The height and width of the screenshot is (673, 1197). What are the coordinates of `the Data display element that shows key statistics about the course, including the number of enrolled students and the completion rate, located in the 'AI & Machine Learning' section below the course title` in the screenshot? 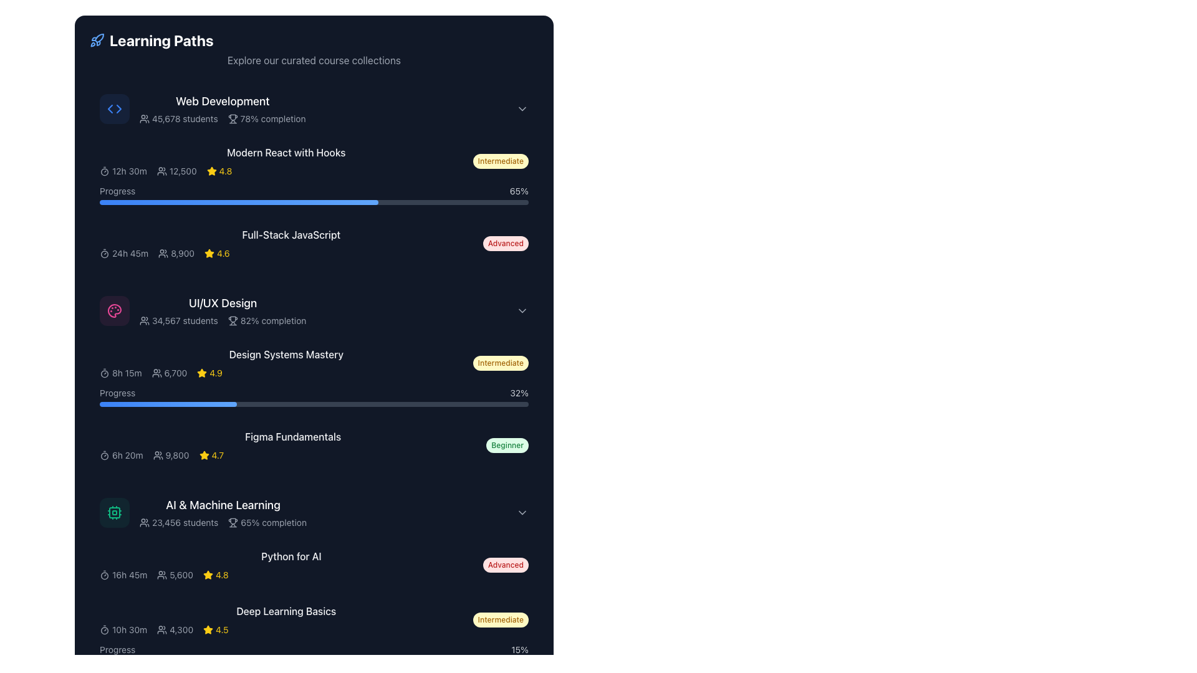 It's located at (223, 523).